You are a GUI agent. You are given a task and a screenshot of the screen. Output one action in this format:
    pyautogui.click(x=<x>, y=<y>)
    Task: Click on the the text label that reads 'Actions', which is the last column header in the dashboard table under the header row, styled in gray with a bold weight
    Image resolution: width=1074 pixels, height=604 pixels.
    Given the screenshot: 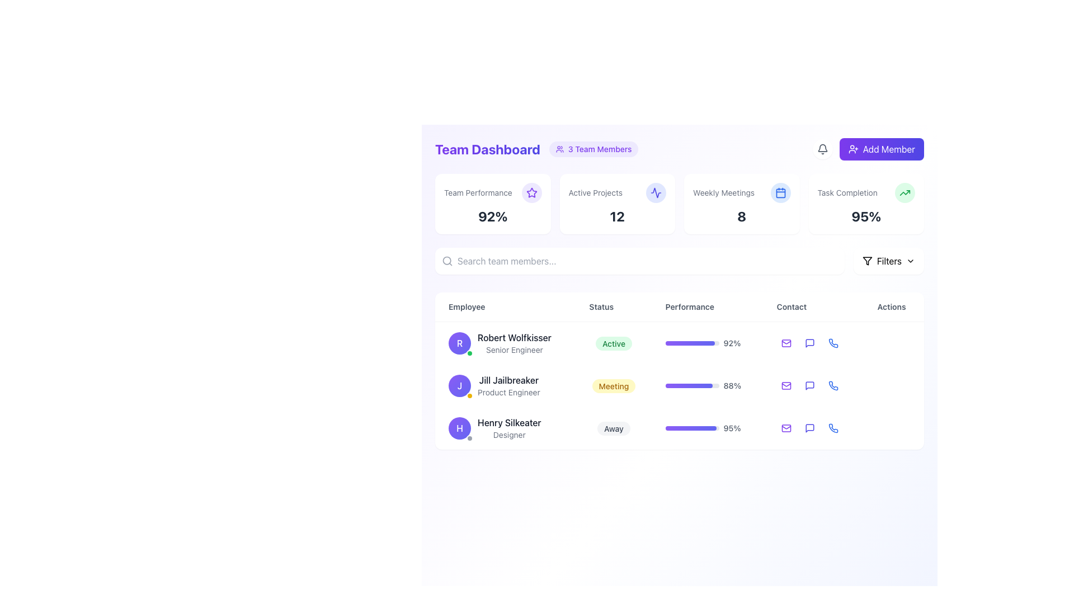 What is the action you would take?
    pyautogui.click(x=893, y=307)
    